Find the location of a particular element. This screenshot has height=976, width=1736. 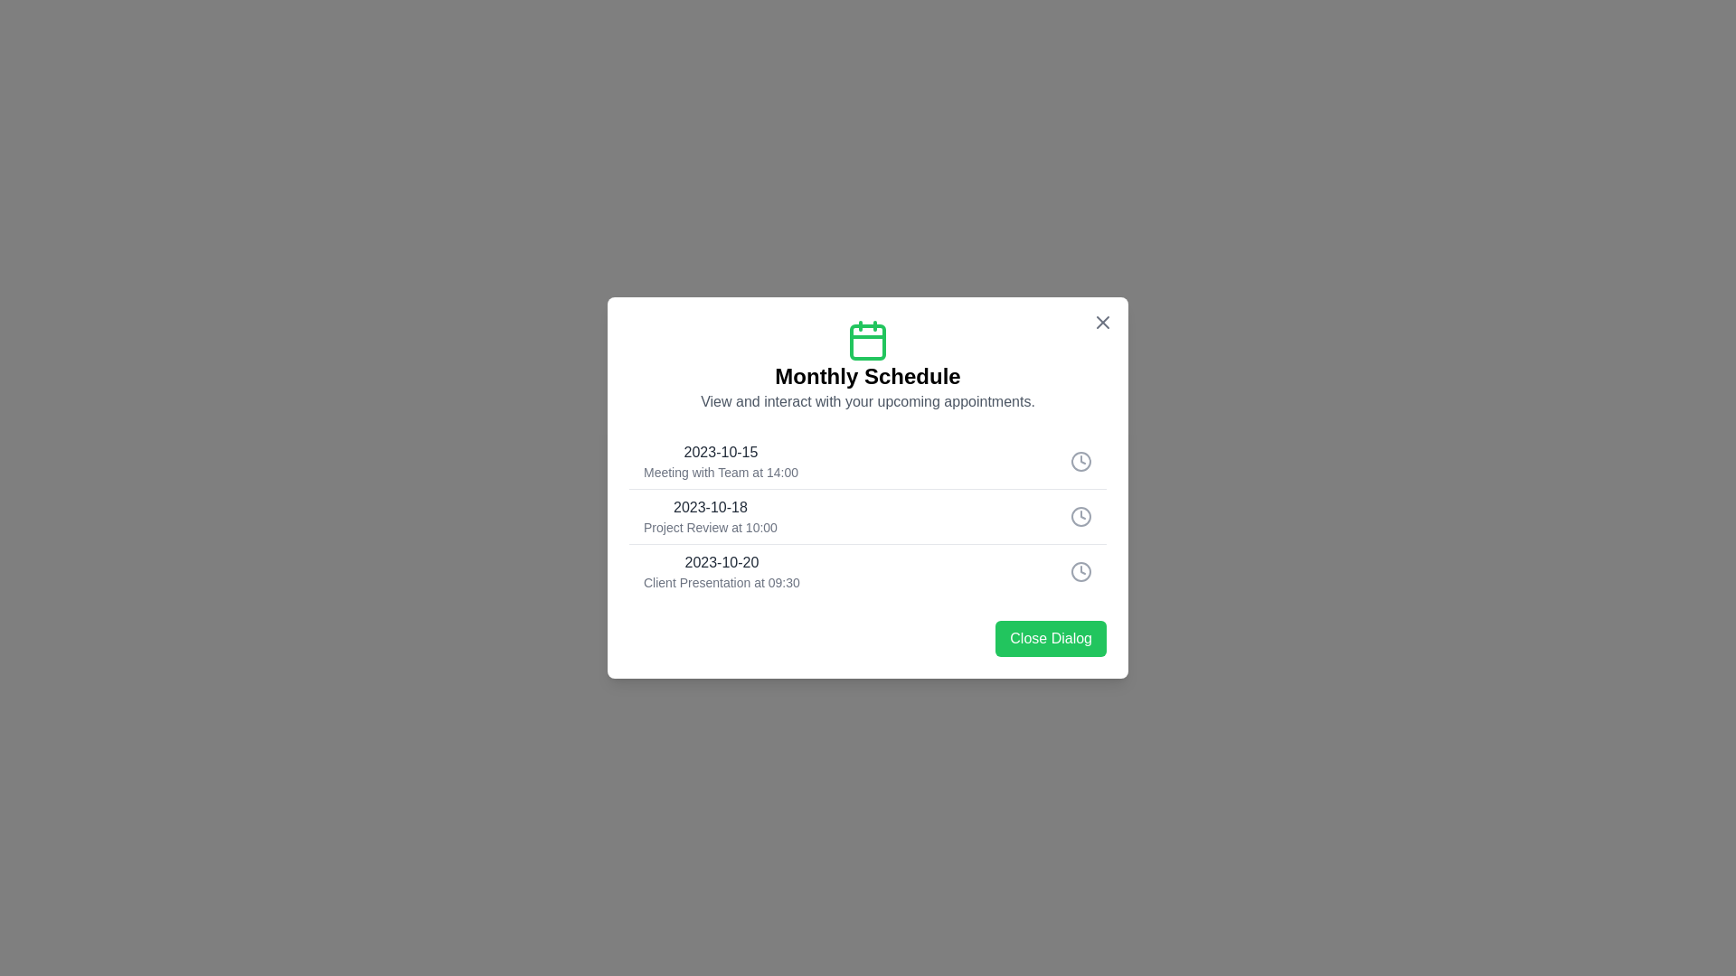

the event 2023-10-15 Meeting with Team at 14:00 from the list to view its details is located at coordinates (868, 460).